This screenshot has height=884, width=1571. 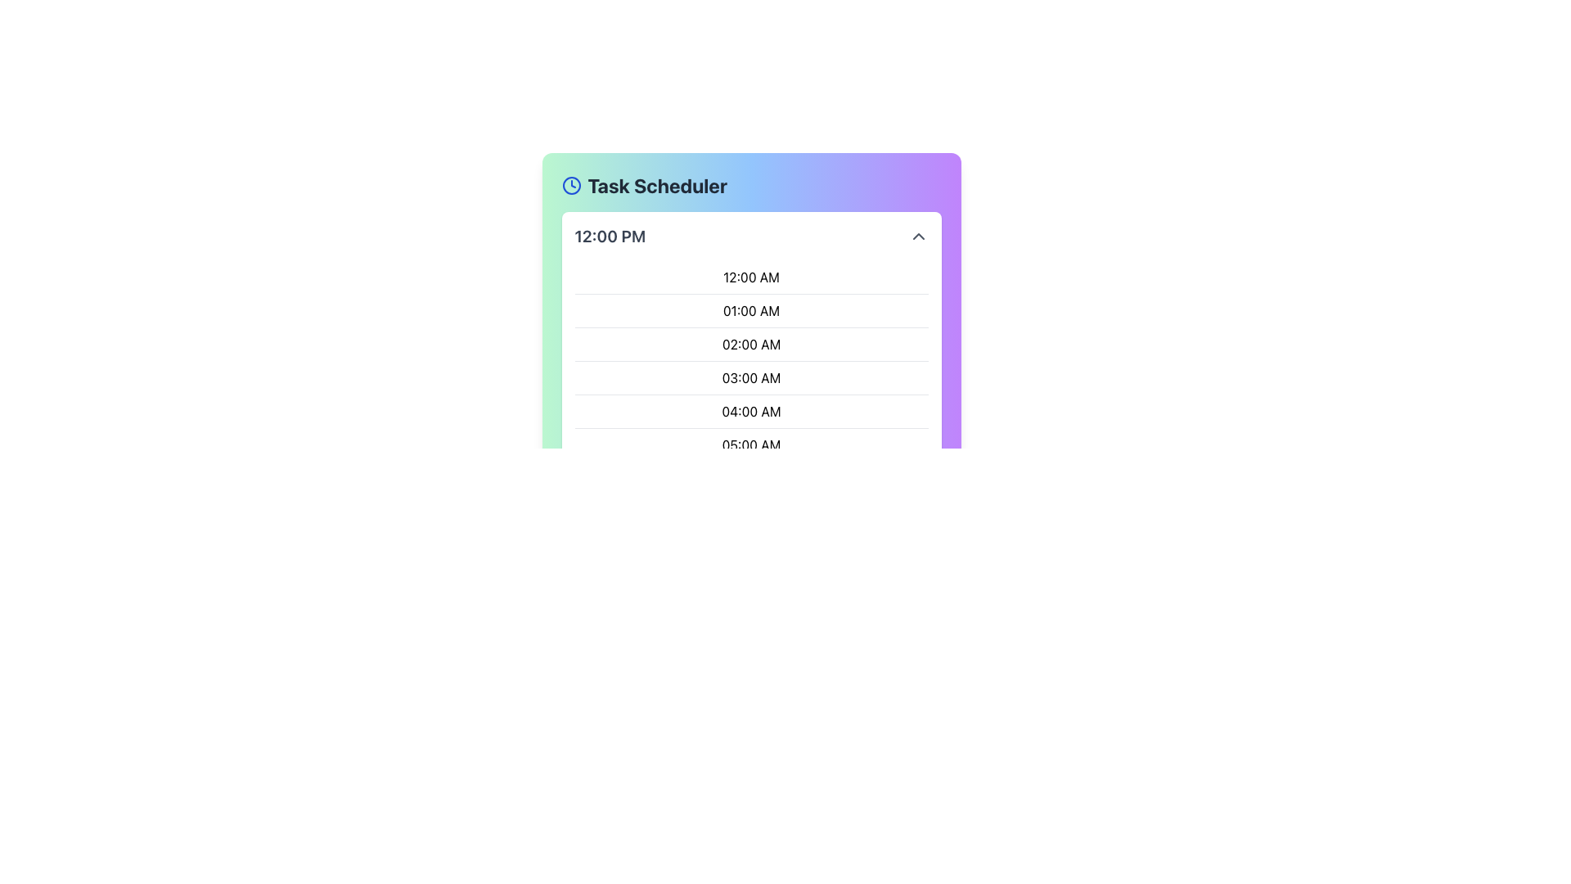 What do you see at coordinates (750, 377) in the screenshot?
I see `to select the fourth time slot in the dropdown menu, which is centrally located horizontally and positioned towards the upper-middle vertically` at bounding box center [750, 377].